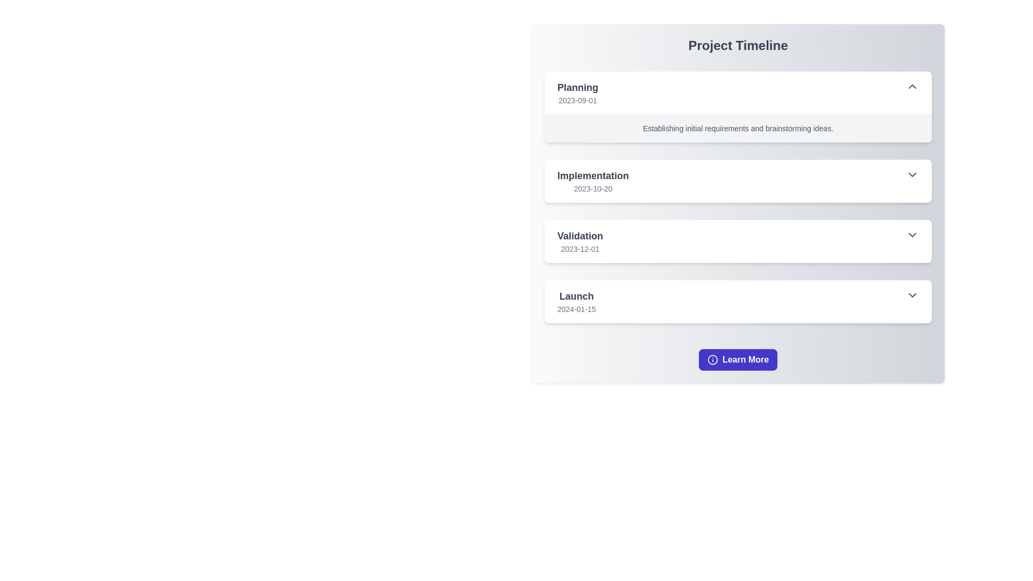 The height and width of the screenshot is (581, 1033). What do you see at coordinates (738, 197) in the screenshot?
I see `the down arrow on the 'Implementation' collapsible card in the 'Project Timeline' section` at bounding box center [738, 197].